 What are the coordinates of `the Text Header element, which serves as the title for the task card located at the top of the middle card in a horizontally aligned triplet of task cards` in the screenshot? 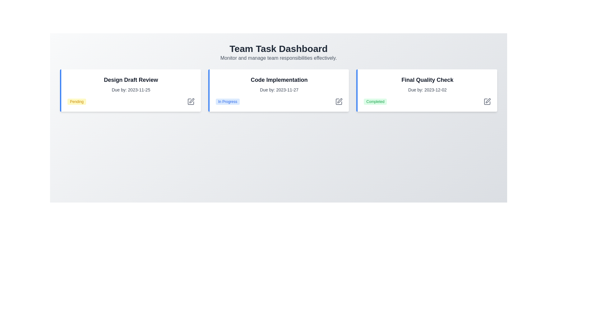 It's located at (279, 80).